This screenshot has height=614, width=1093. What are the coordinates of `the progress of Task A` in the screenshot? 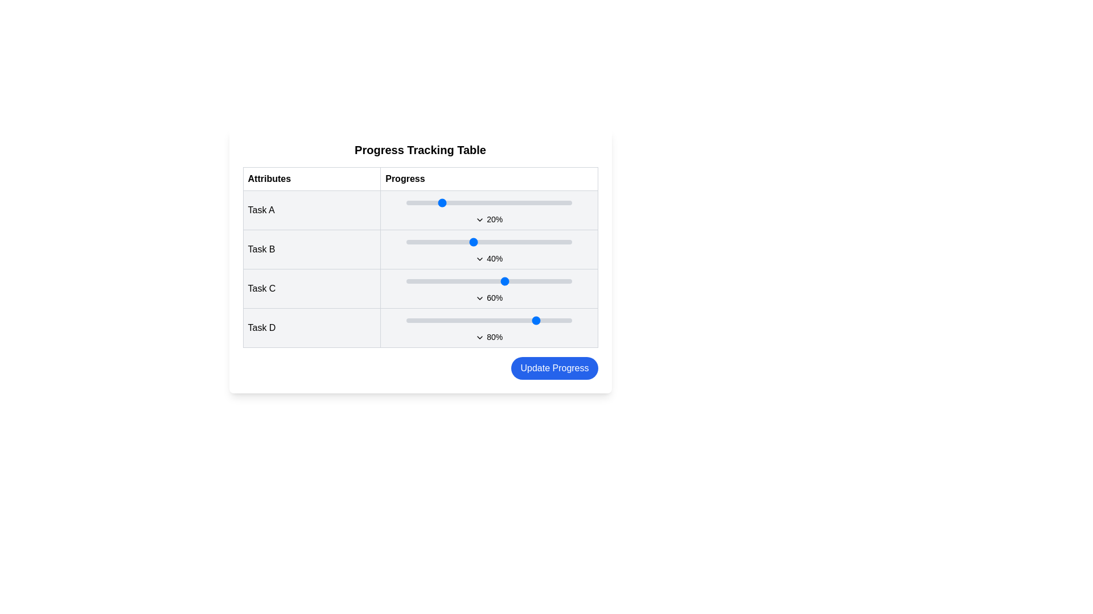 It's located at (515, 202).